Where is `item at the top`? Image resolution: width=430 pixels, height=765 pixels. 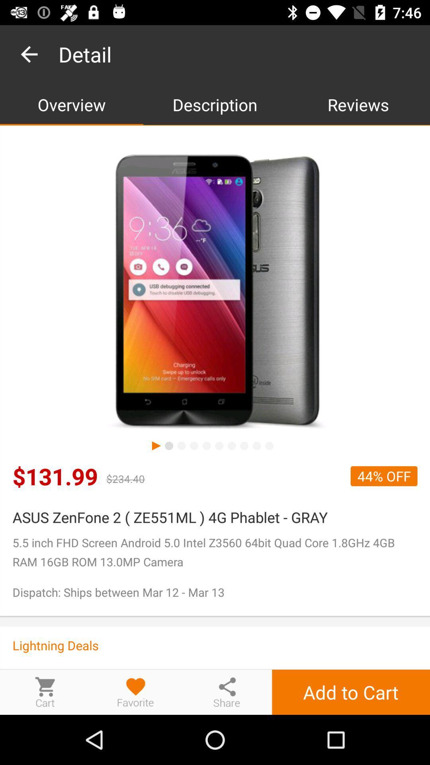 item at the top is located at coordinates (215, 104).